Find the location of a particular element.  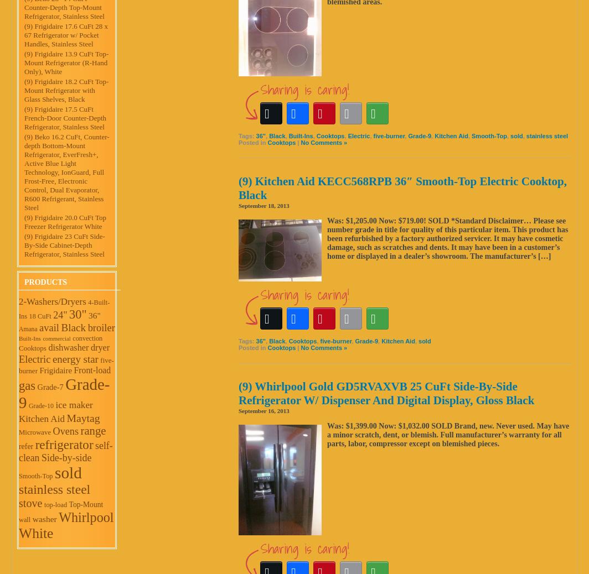

'(9) Frigidaire 18.2 CuFt Top-Mount Refrigerator with Glass Shelves, Black' is located at coordinates (66, 89).